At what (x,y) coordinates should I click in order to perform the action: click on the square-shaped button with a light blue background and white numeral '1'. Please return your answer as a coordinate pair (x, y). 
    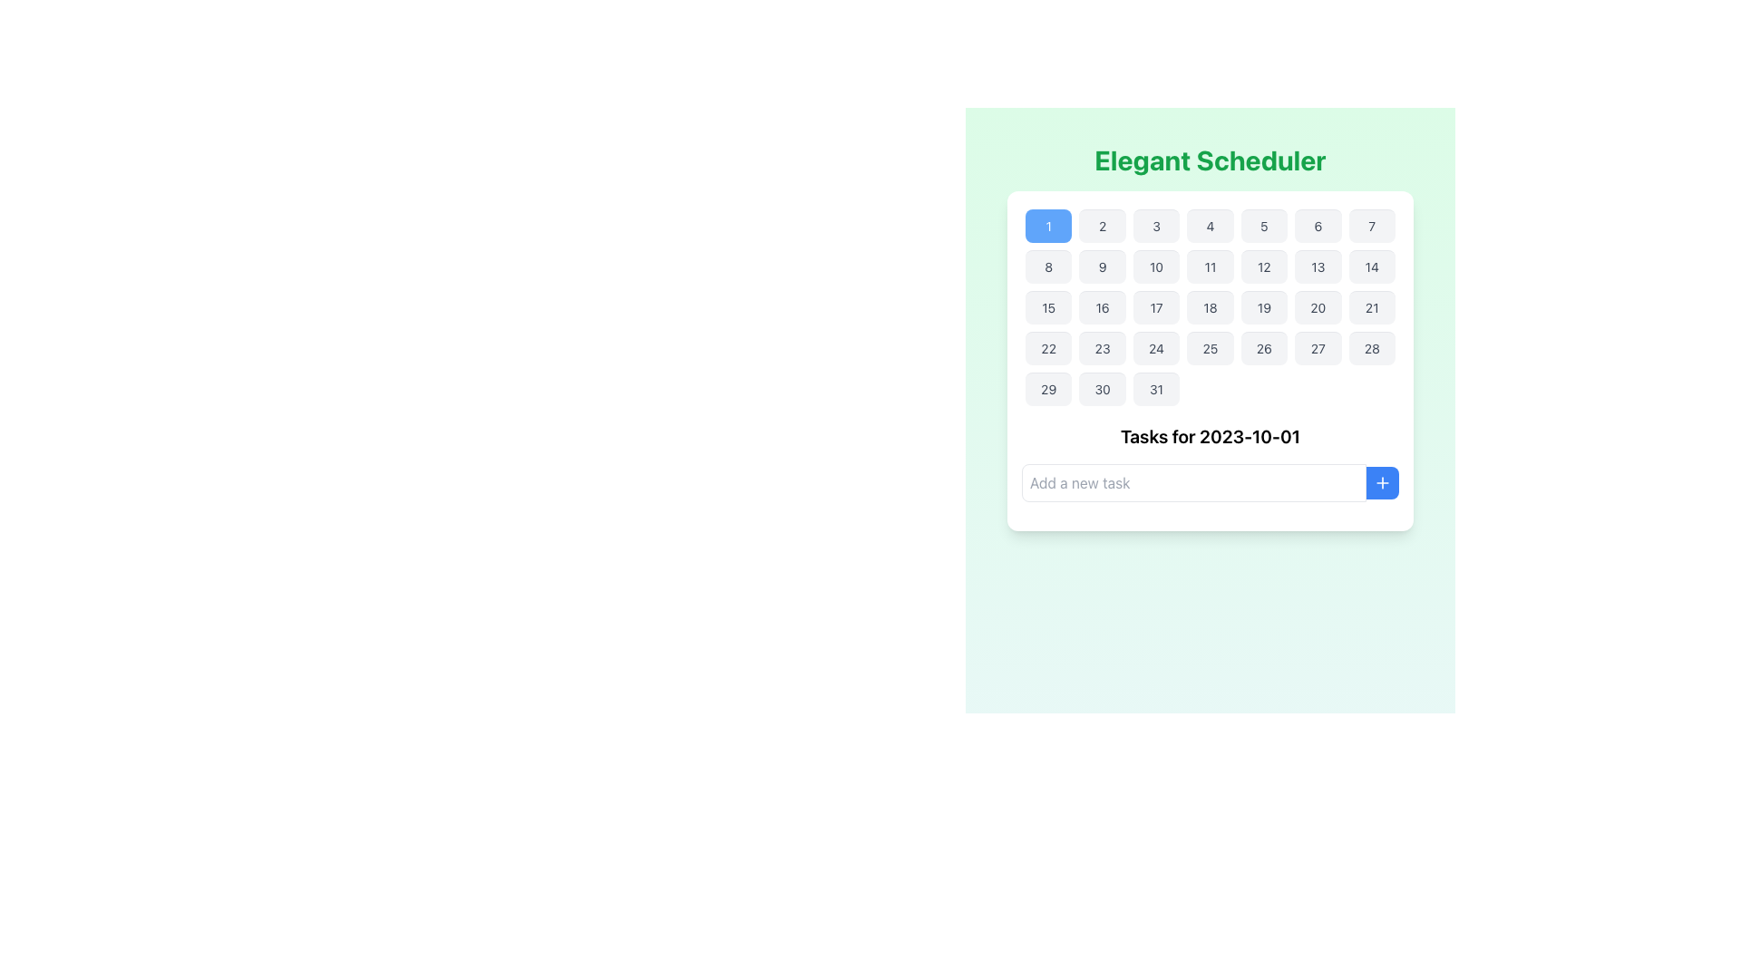
    Looking at the image, I should click on (1048, 225).